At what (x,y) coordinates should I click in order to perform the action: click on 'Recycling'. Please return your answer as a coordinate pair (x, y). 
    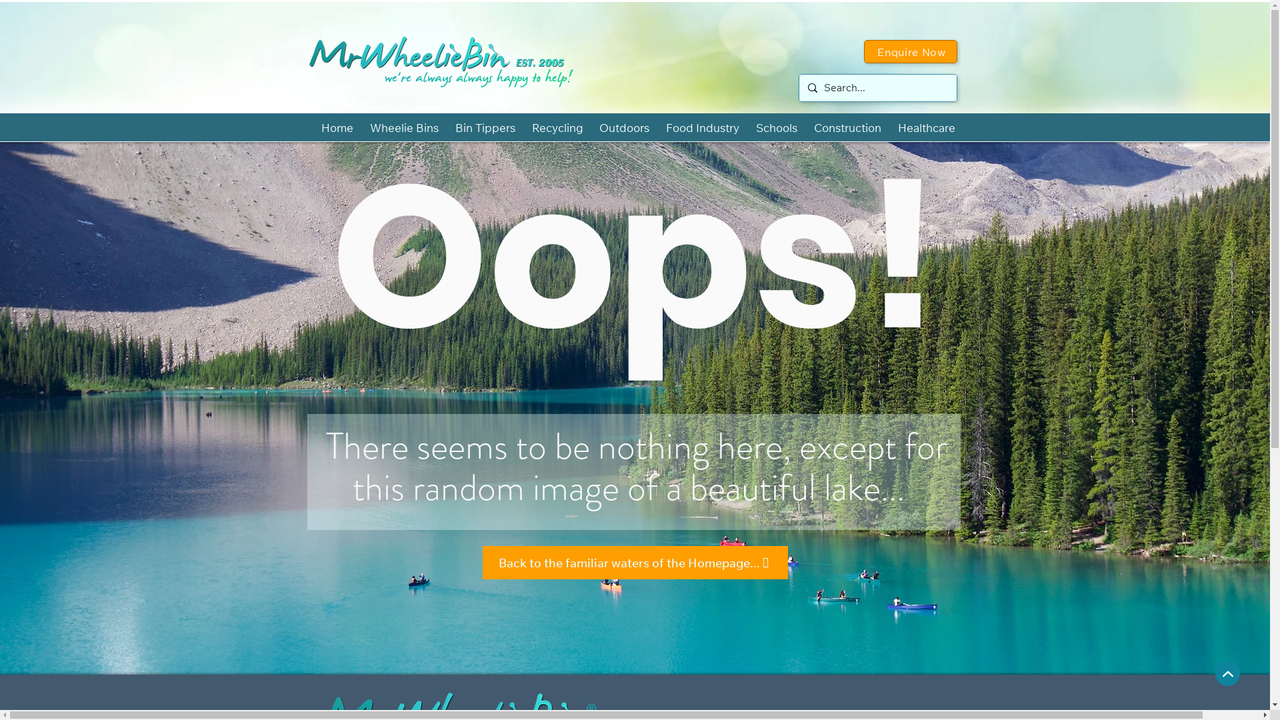
    Looking at the image, I should click on (524, 127).